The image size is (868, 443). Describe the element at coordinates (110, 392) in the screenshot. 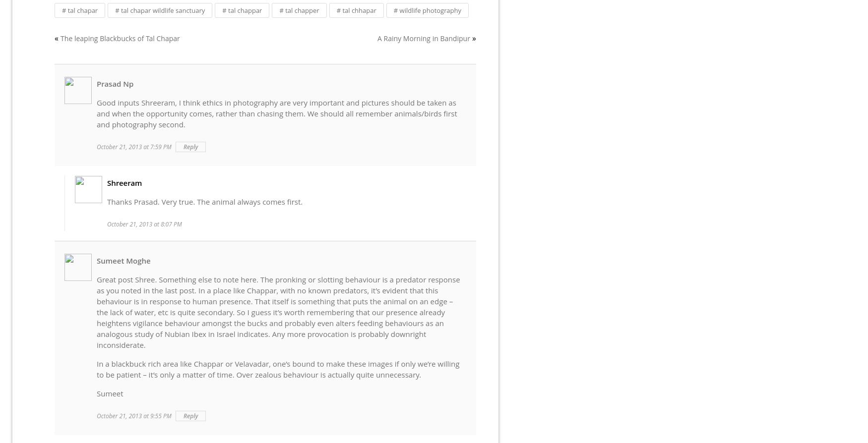

I see `'Sumeet'` at that location.